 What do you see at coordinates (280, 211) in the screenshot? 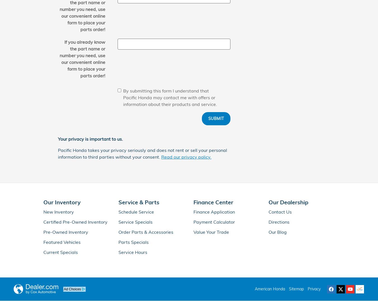
I see `'Contact Us'` at bounding box center [280, 211].